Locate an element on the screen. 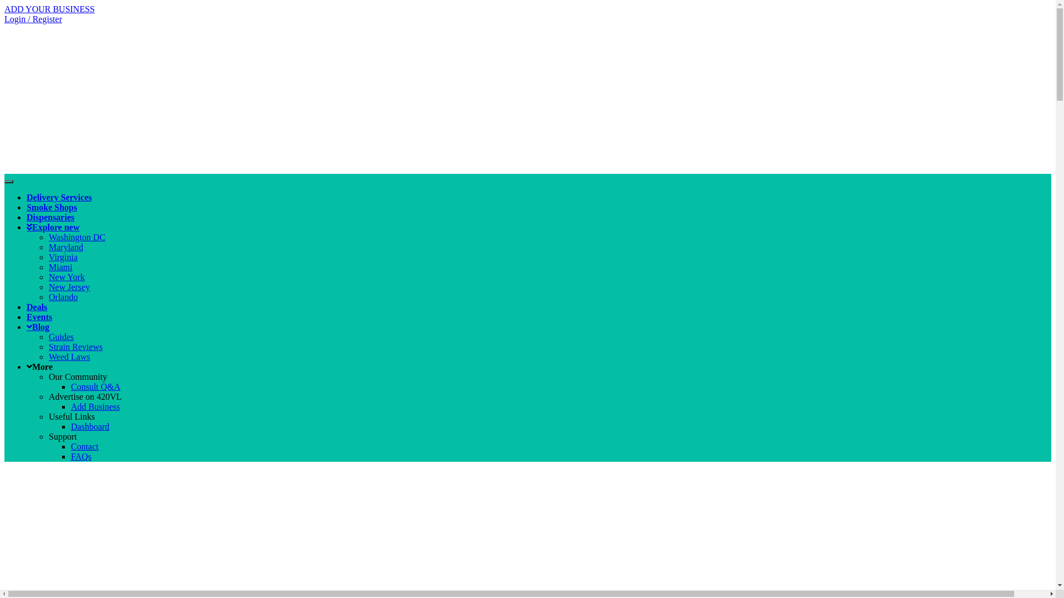 This screenshot has height=598, width=1064. 'Weed Laws' is located at coordinates (69, 357).